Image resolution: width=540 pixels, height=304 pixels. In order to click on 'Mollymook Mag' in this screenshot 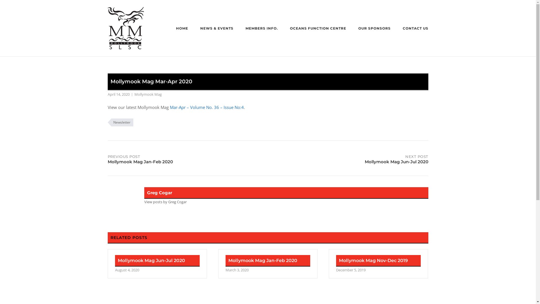, I will do `click(148, 94)`.